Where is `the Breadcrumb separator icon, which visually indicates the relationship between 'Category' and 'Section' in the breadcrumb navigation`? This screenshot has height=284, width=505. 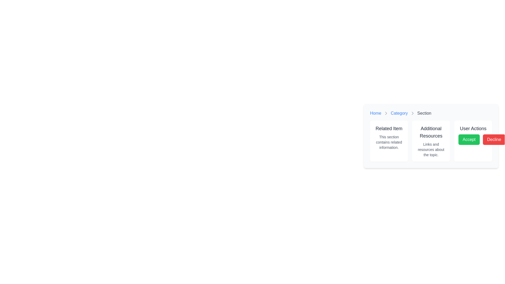 the Breadcrumb separator icon, which visually indicates the relationship between 'Category' and 'Section' in the breadcrumb navigation is located at coordinates (386, 113).